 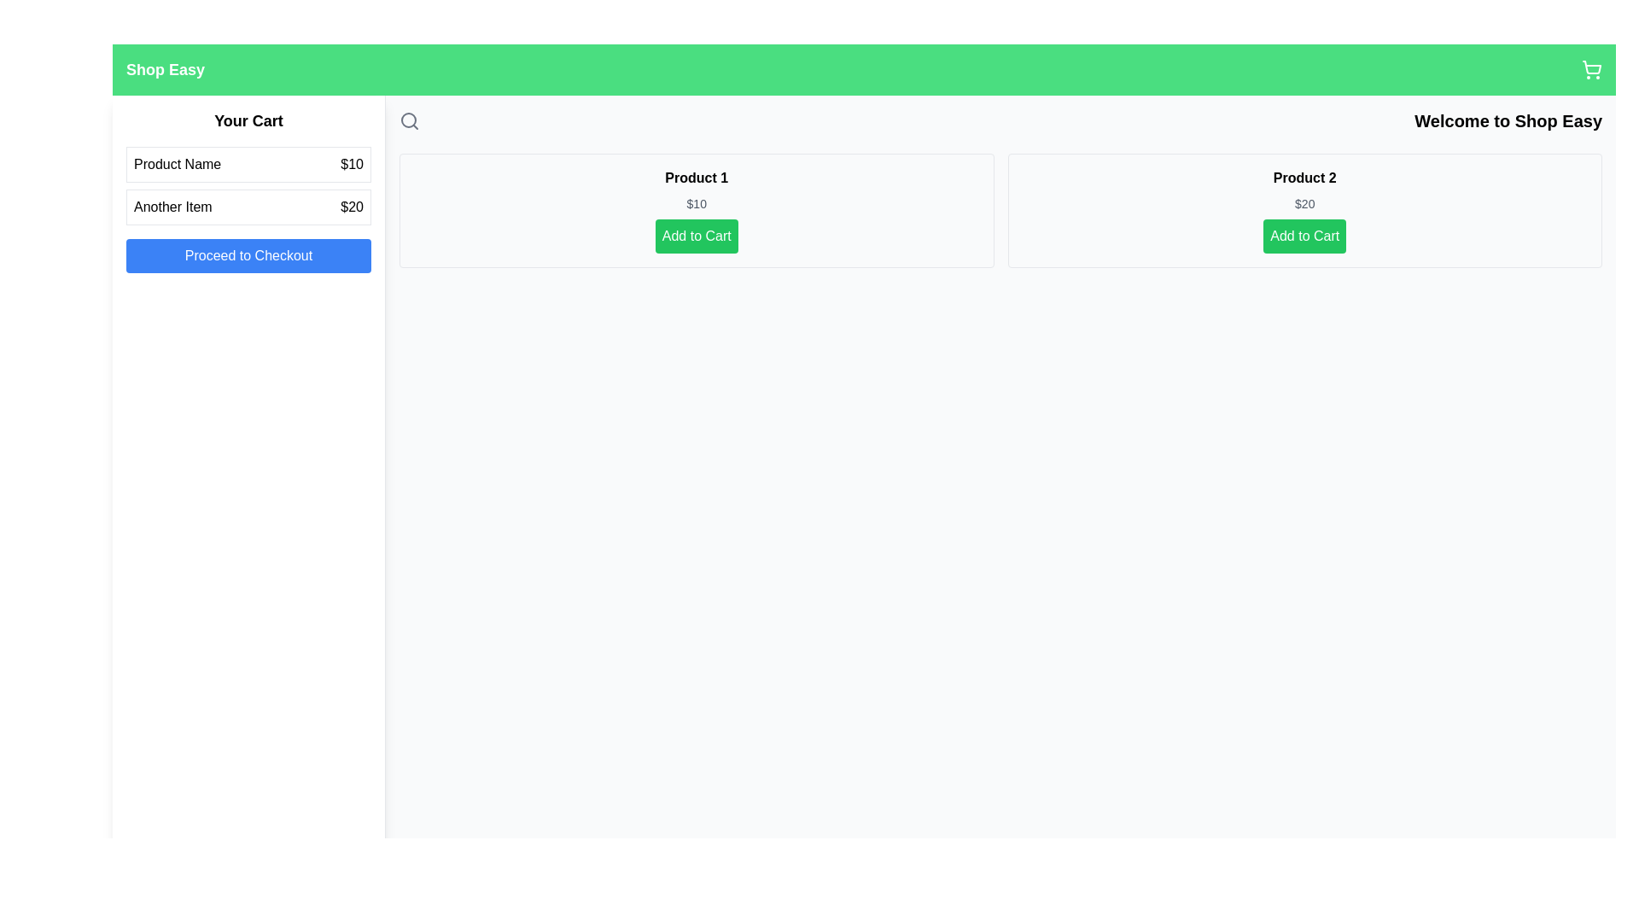 I want to click on the Circle component of the magnifying glass icon within the SVG graphic, which represents search functionality in the UI, so click(x=408, y=120).